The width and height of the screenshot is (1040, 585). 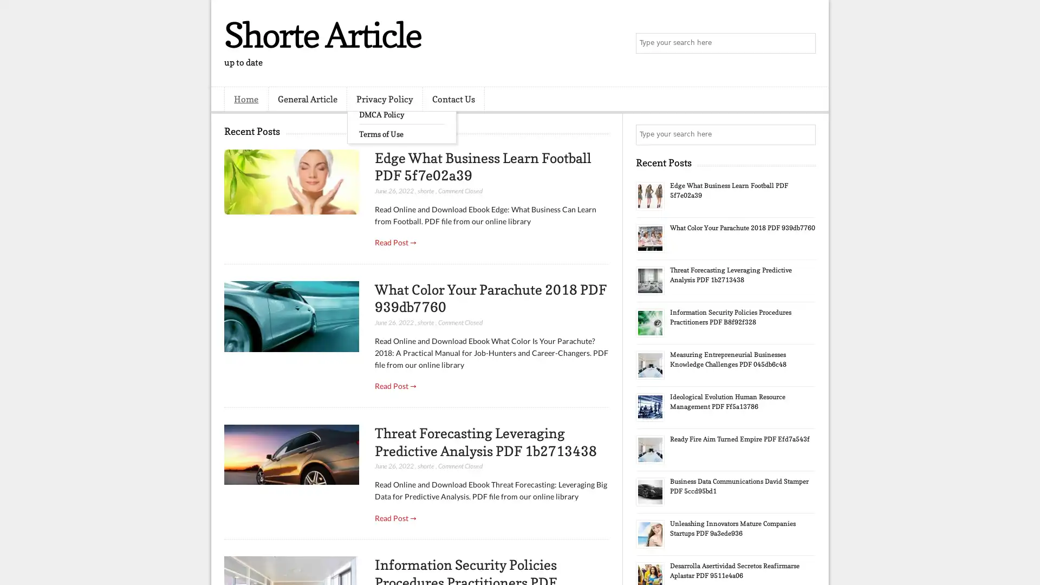 I want to click on Search, so click(x=804, y=43).